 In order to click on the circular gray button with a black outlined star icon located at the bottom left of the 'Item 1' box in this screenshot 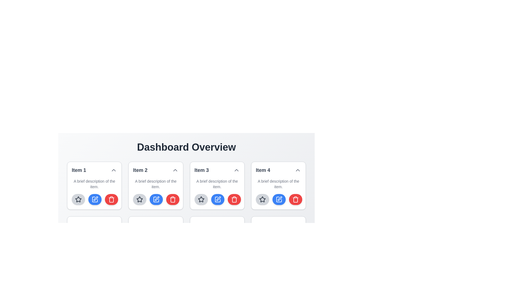, I will do `click(78, 199)`.